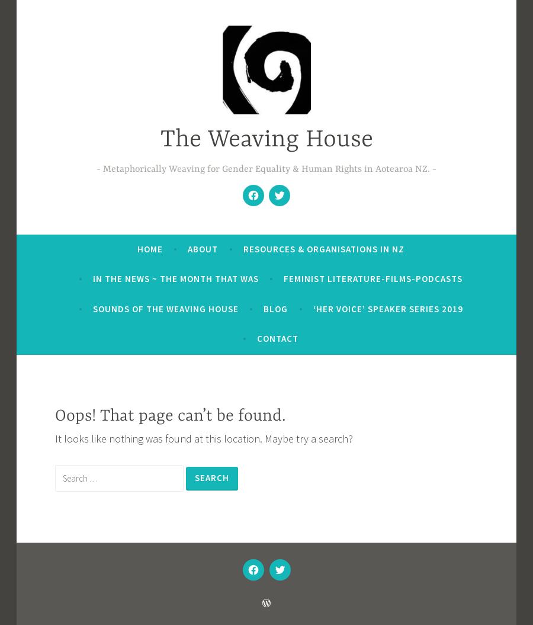 The width and height of the screenshot is (533, 625). I want to click on 'Feminist Literature-Films-Podcasts', so click(373, 278).